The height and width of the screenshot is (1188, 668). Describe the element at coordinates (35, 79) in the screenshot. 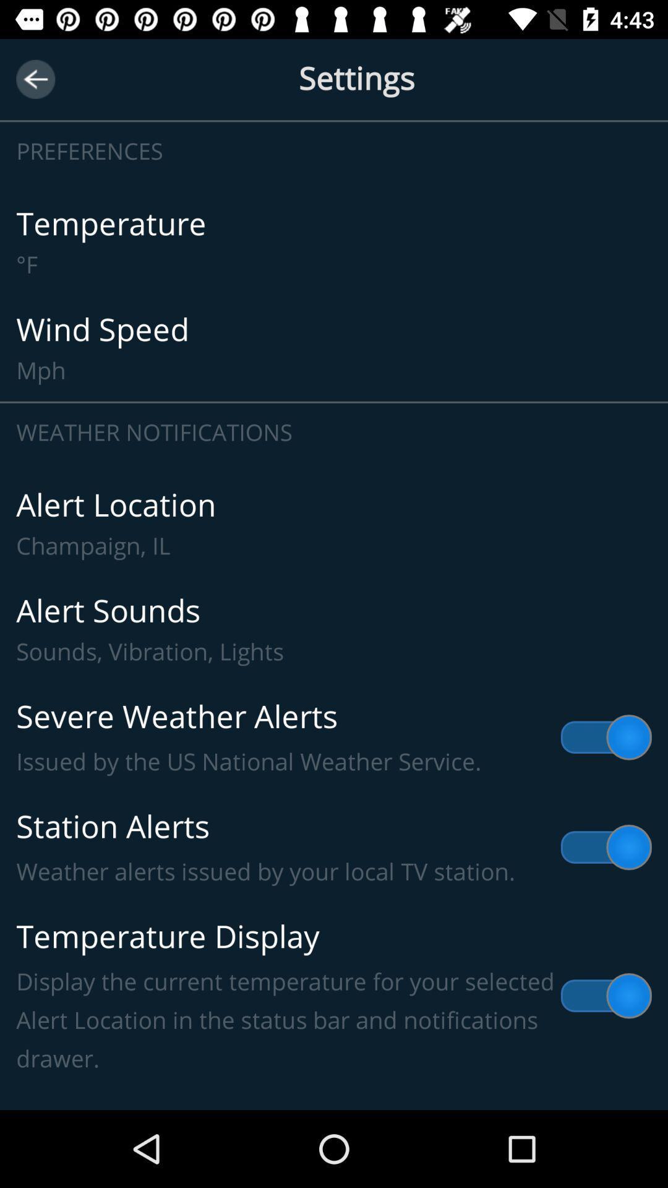

I see `bake button` at that location.